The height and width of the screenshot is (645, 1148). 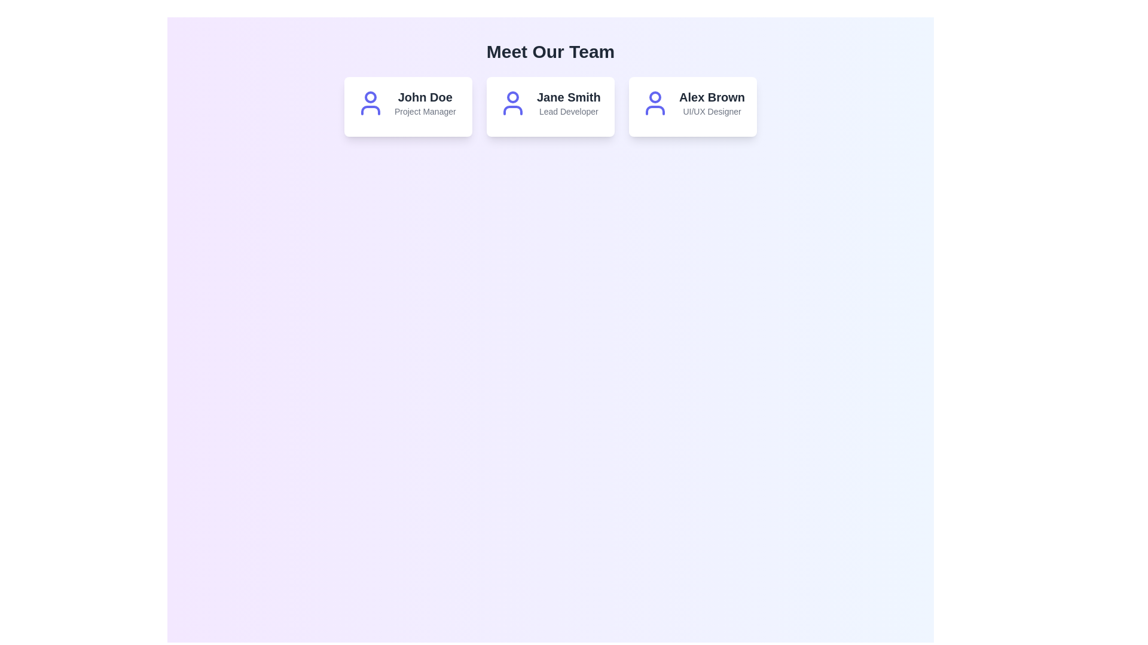 I want to click on the circular head component of the leftmost user icon under 'Meet Our Team', which represents the head of the human figure icon, so click(x=370, y=96).